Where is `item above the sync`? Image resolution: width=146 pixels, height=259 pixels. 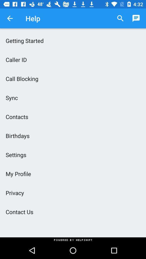
item above the sync is located at coordinates (73, 78).